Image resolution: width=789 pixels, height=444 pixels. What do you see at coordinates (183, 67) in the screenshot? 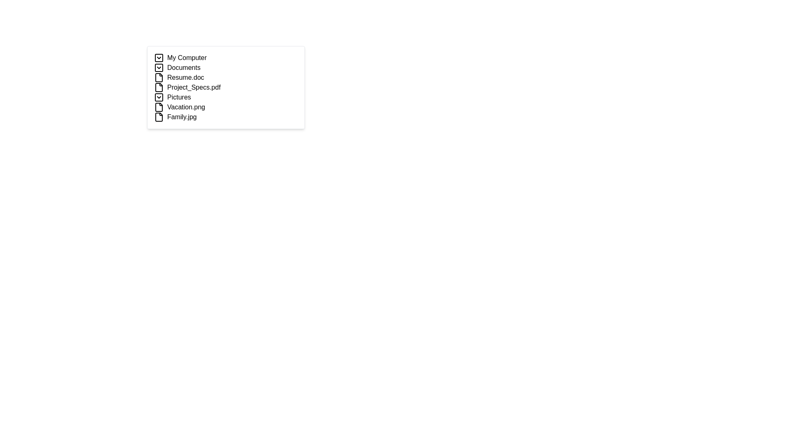
I see `the 'Documents' label` at bounding box center [183, 67].